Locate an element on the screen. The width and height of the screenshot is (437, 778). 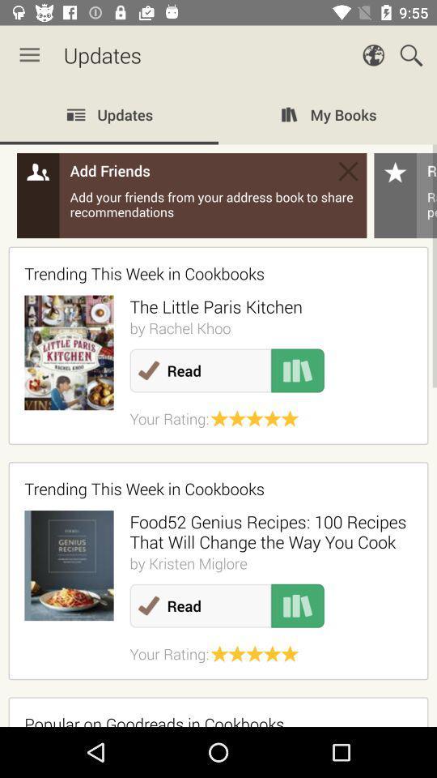
updates are here is located at coordinates (218, 405).